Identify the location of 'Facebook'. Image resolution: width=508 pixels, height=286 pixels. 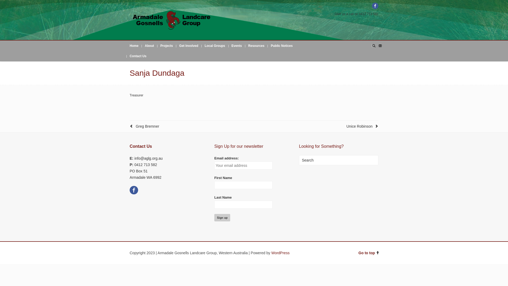
(375, 6).